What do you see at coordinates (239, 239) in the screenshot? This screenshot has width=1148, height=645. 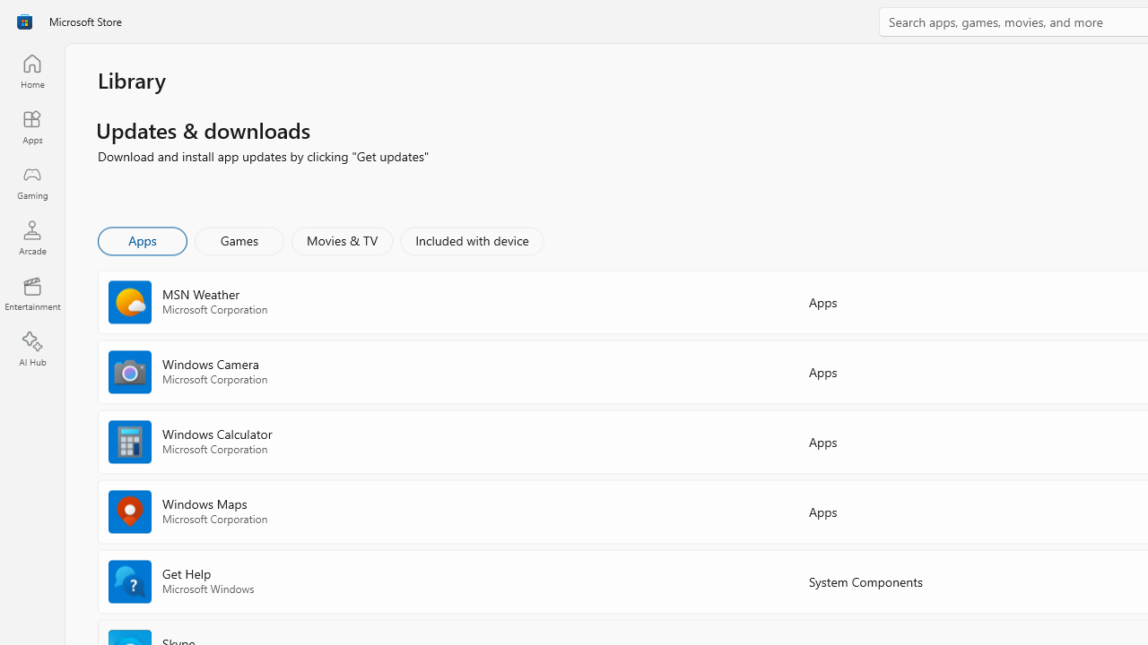 I see `'Games'` at bounding box center [239, 239].